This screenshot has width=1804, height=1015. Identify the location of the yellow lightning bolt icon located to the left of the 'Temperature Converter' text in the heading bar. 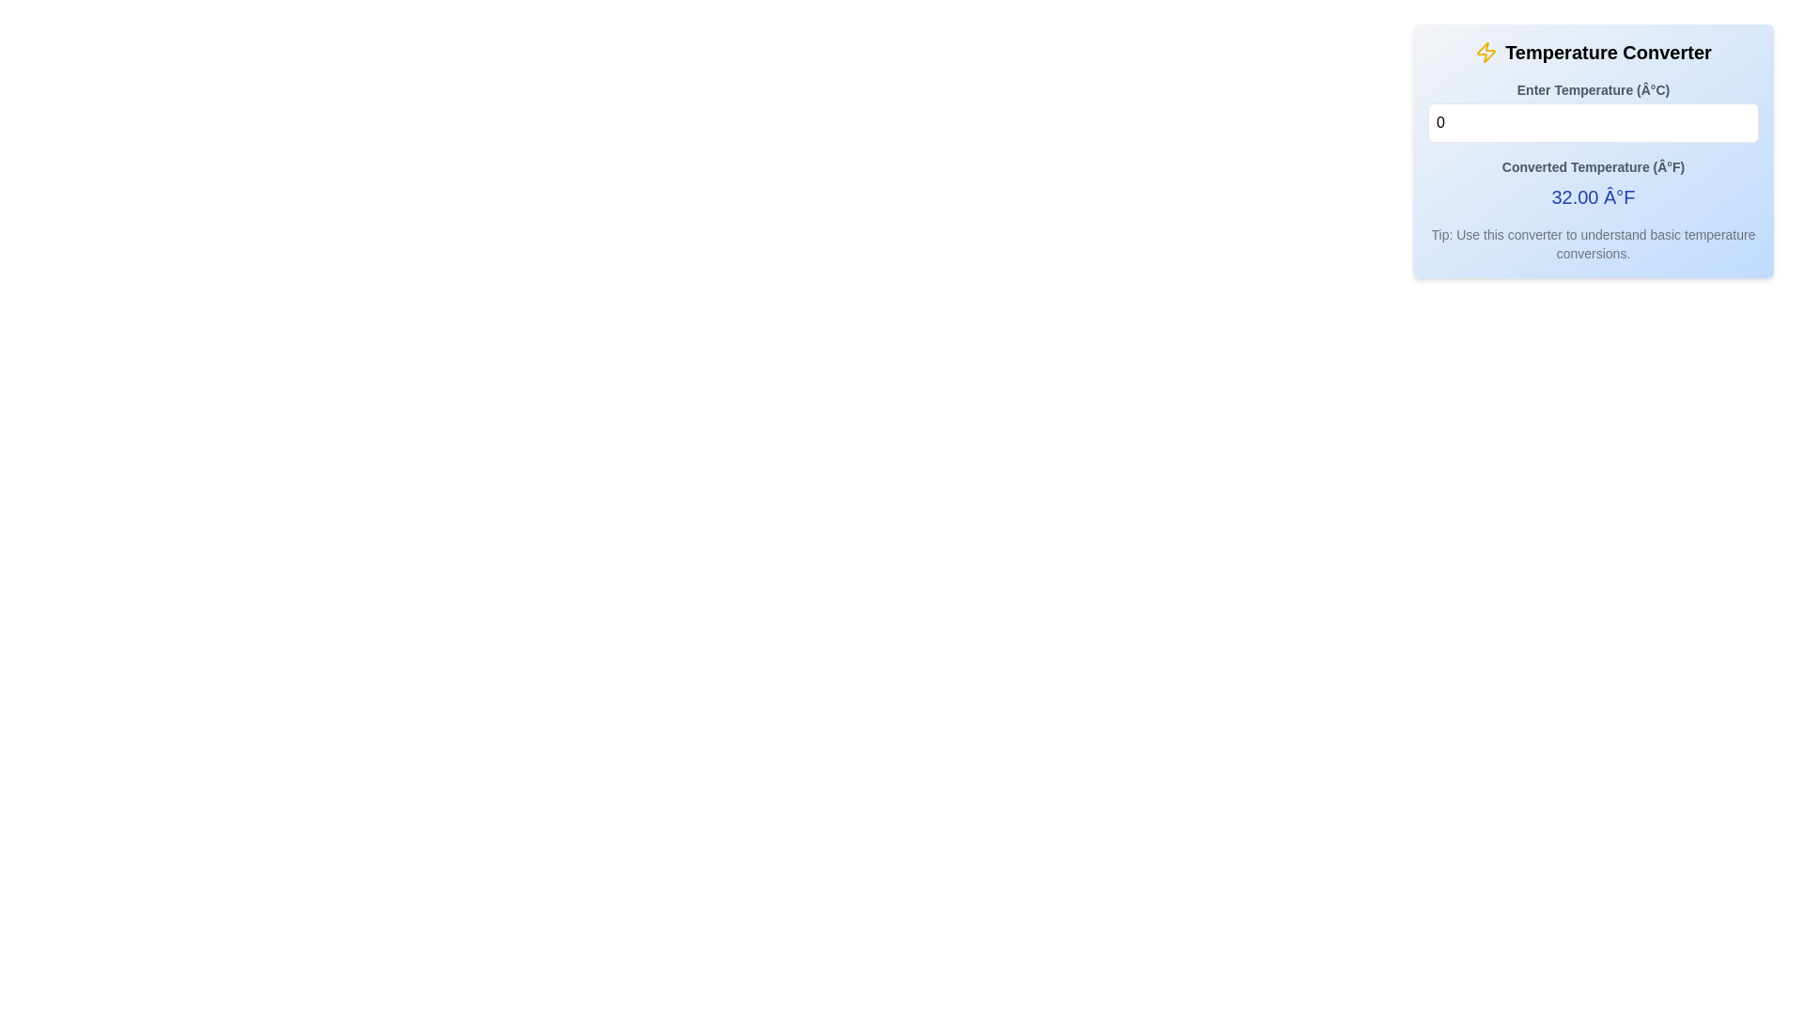
(1485, 52).